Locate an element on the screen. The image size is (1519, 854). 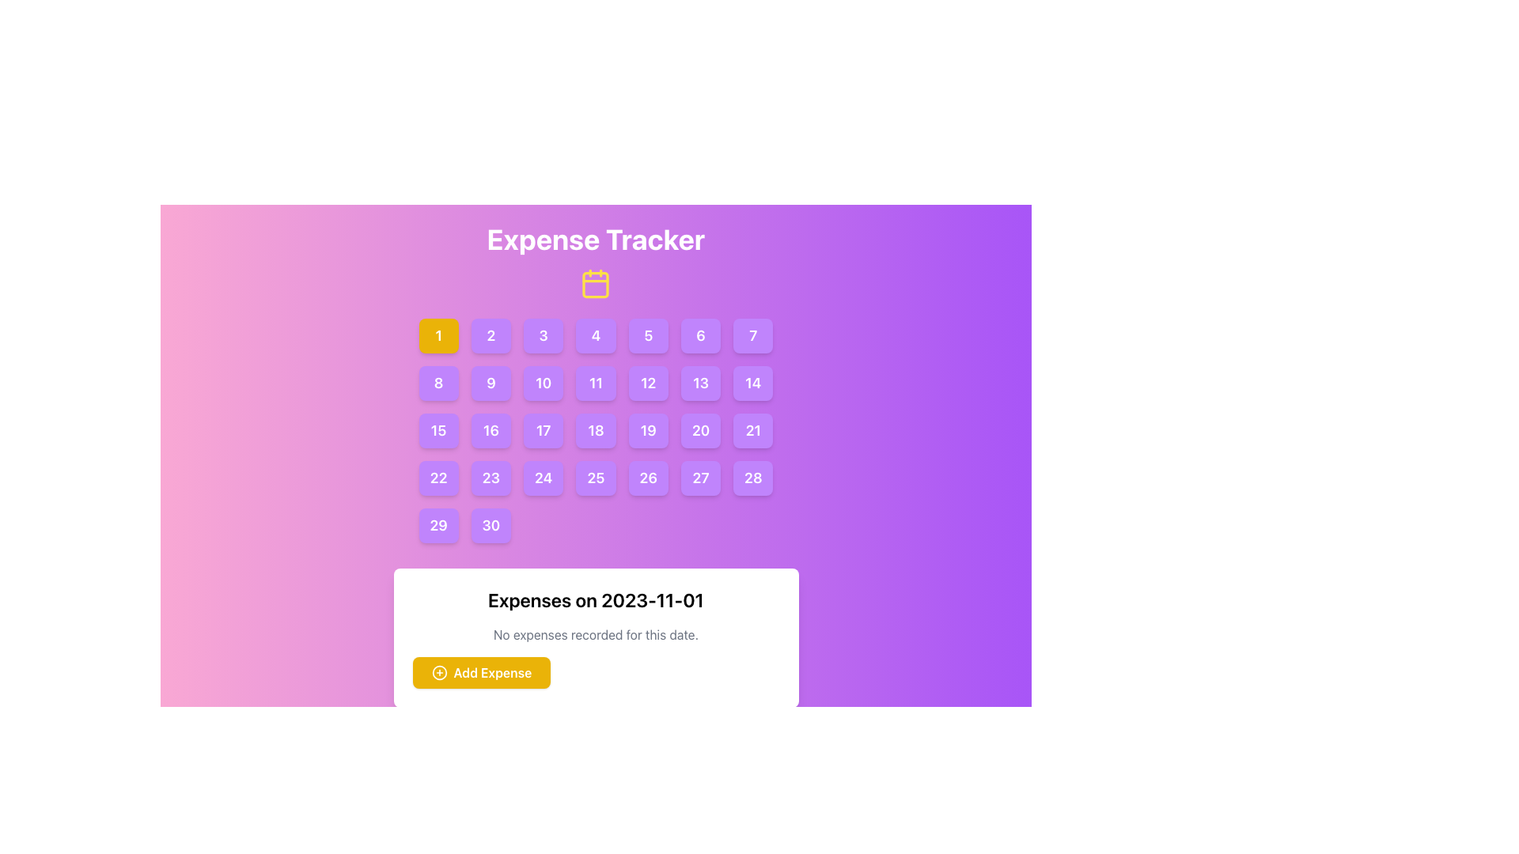
the calendar day cell displaying the number '3' is located at coordinates (544, 334).